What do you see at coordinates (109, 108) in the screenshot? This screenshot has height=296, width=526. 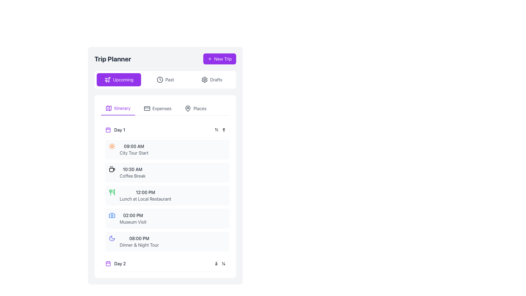 I see `the 'Itinerary' tab SVG icon located to the left of the text 'Itinerary' in the top section of the tabbed interface` at bounding box center [109, 108].